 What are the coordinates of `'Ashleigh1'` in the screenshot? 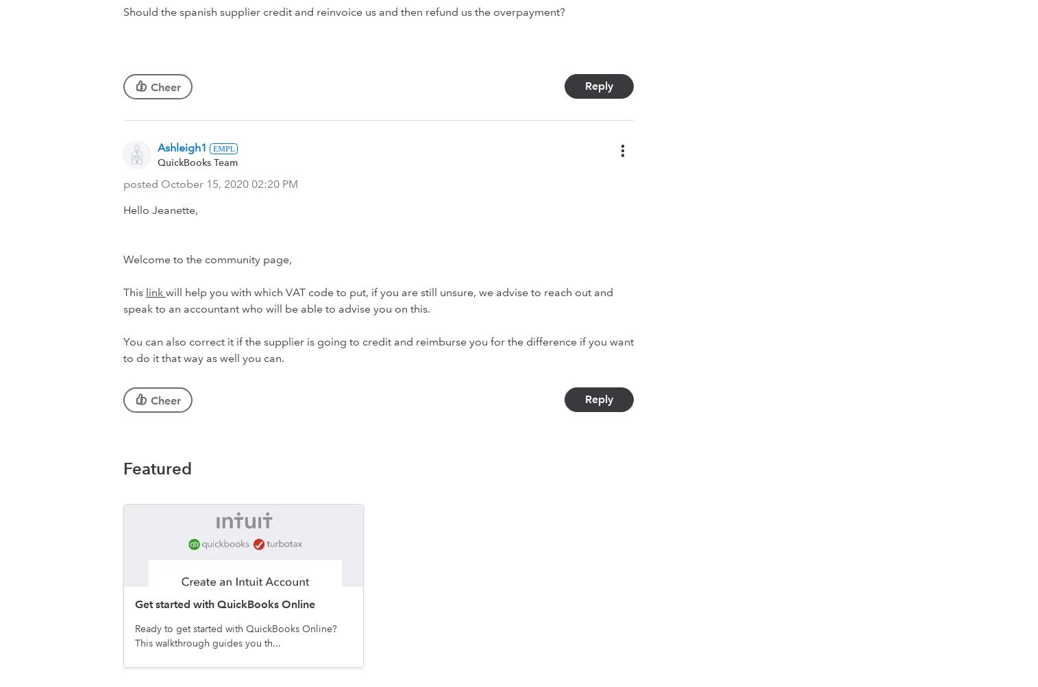 It's located at (182, 147).